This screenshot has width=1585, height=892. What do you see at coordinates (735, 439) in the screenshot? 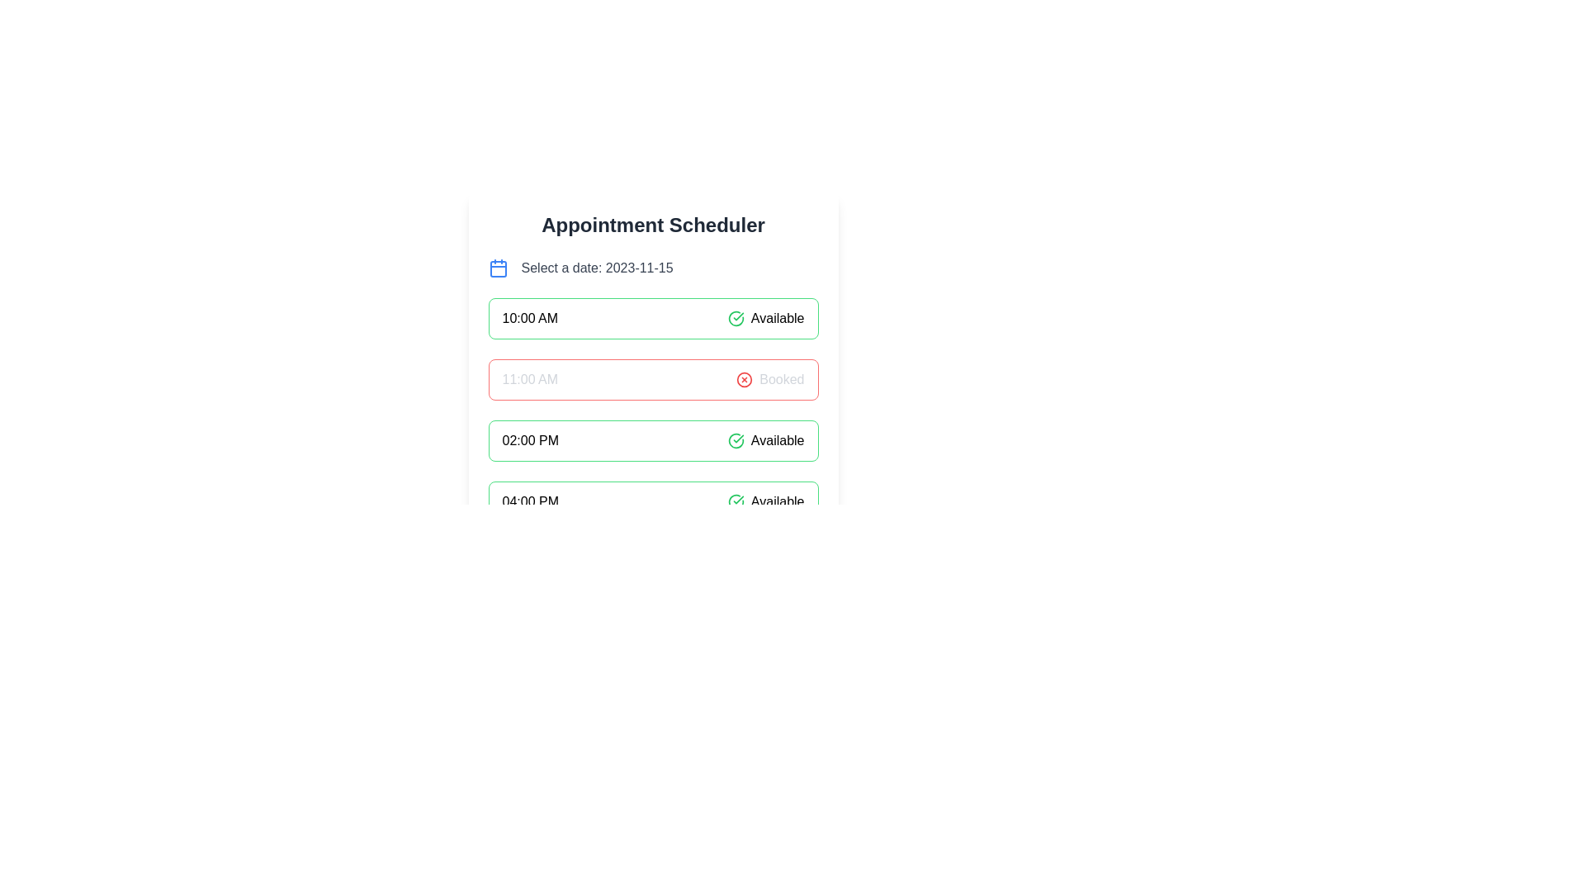
I see `the green circular icon with a checkmark located to the left of the 'Available' text in the '02:00 PM' time slot to interact with it` at bounding box center [735, 439].